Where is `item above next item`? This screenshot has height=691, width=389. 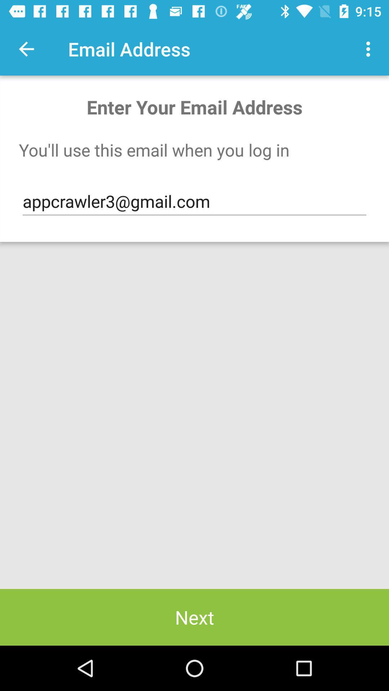 item above next item is located at coordinates (194, 202).